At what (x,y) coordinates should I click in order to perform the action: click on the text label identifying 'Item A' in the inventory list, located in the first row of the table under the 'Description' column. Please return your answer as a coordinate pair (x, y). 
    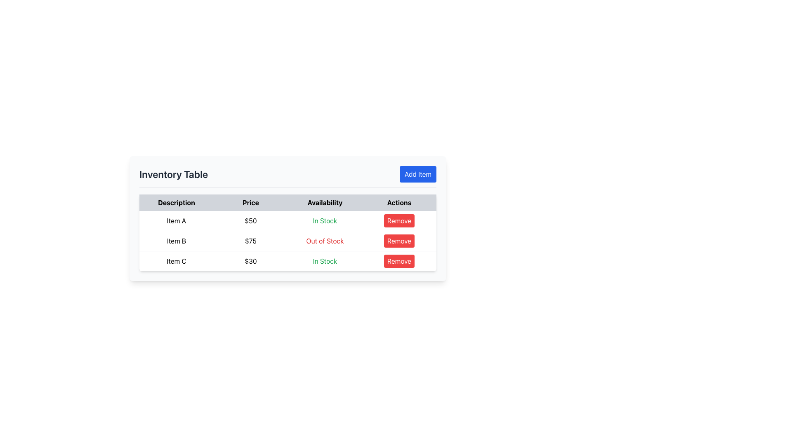
    Looking at the image, I should click on (176, 220).